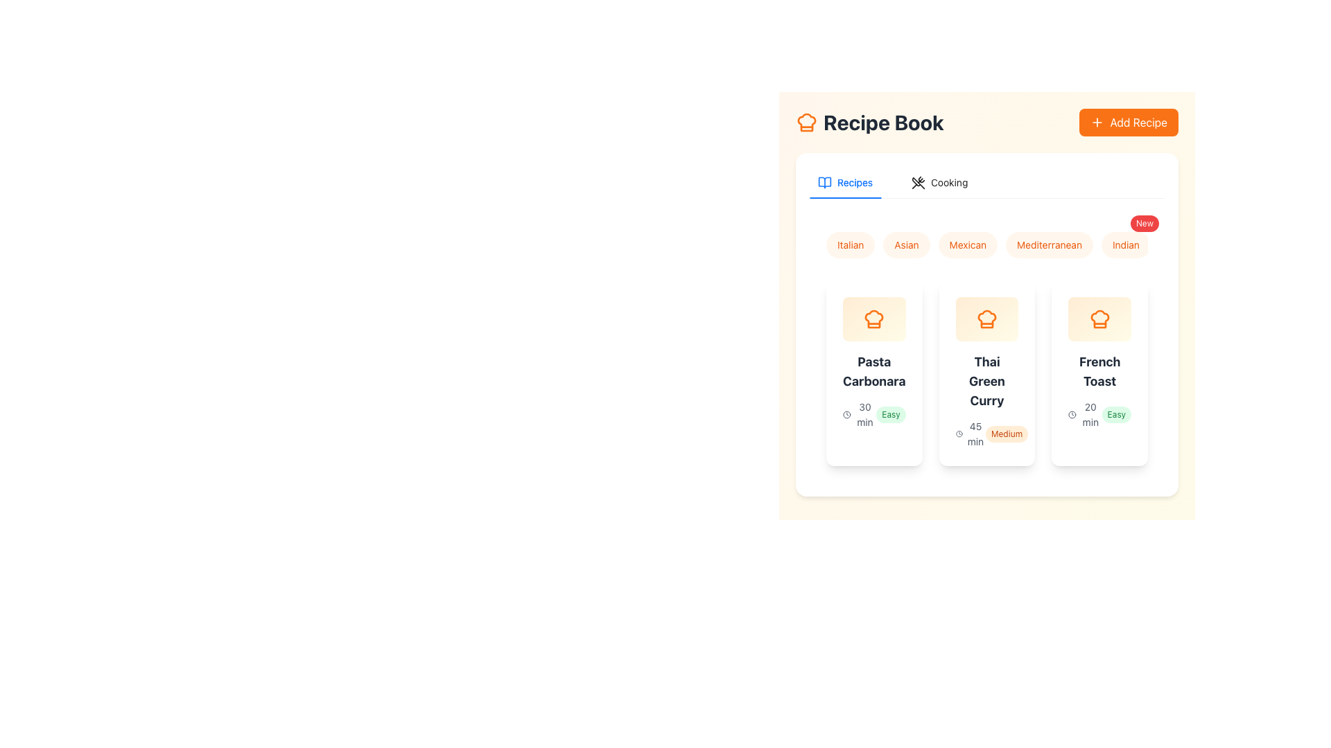 The width and height of the screenshot is (1331, 748). Describe the element at coordinates (825, 181) in the screenshot. I see `the recipe icon located to the left of the 'Recipes' label in the top-left segment of the interface` at that location.